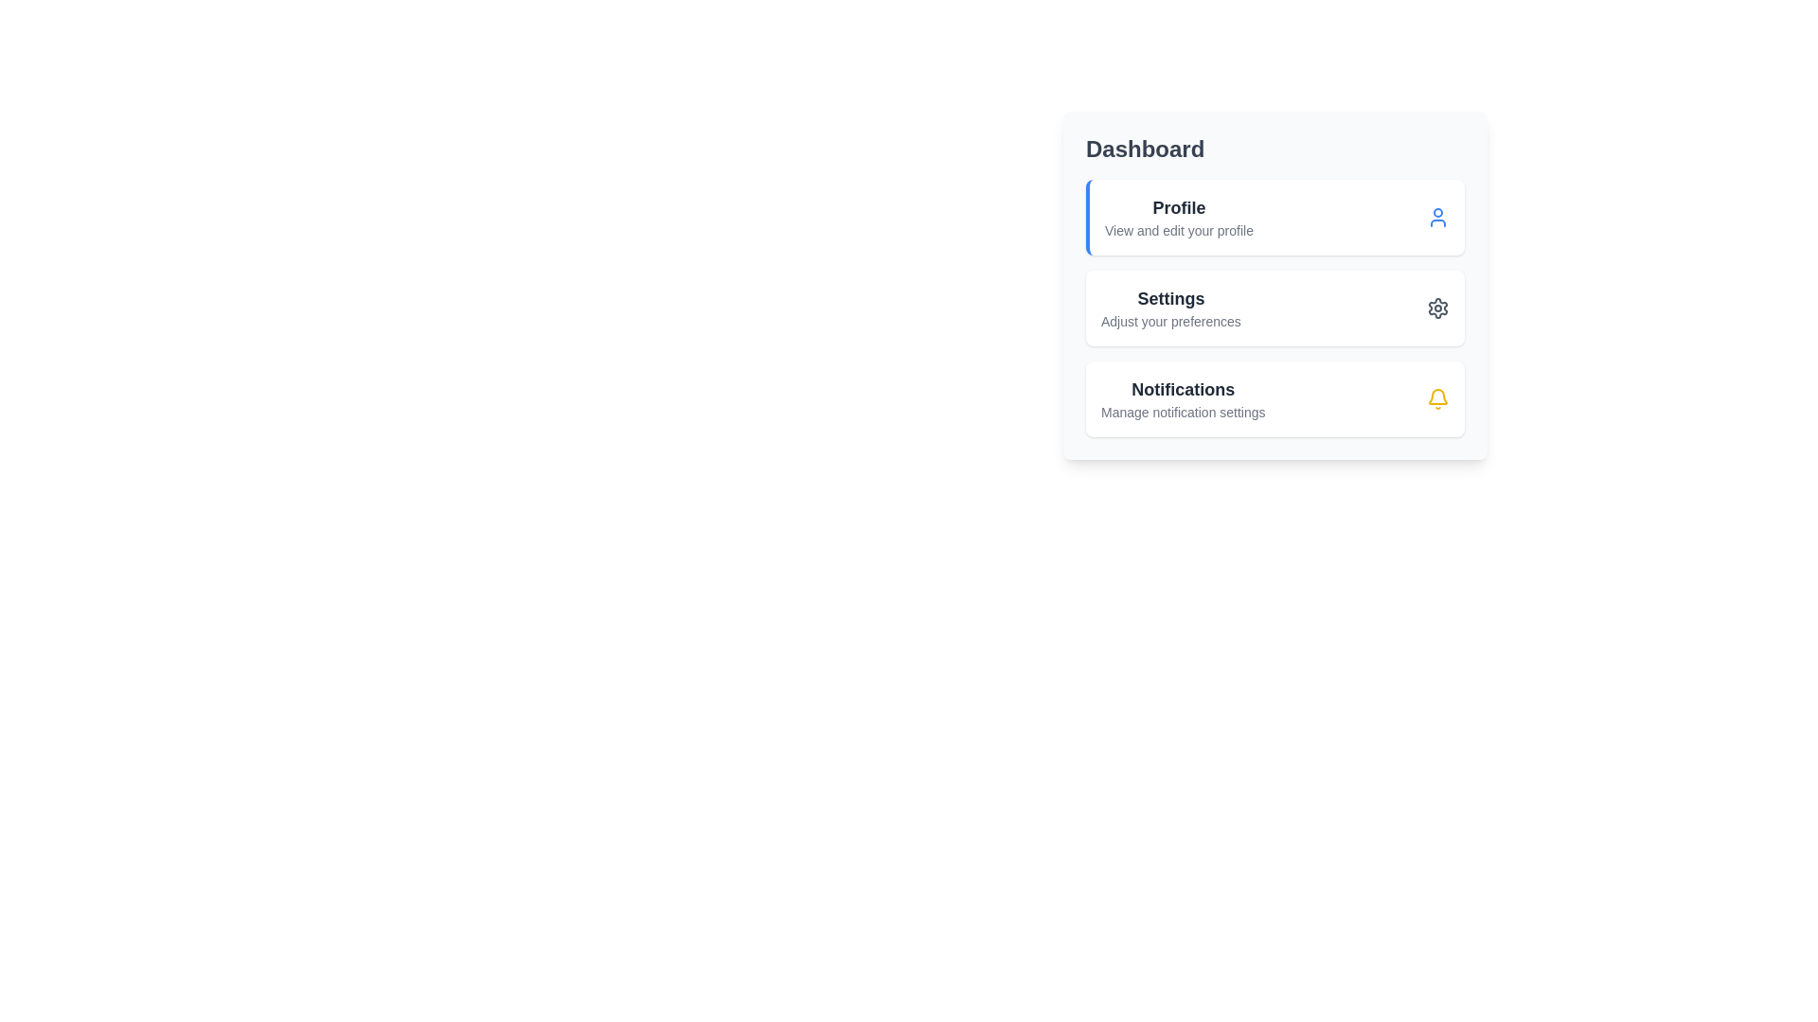  I want to click on the second card in the vertical list titled 'Dashboard', so click(1275, 308).